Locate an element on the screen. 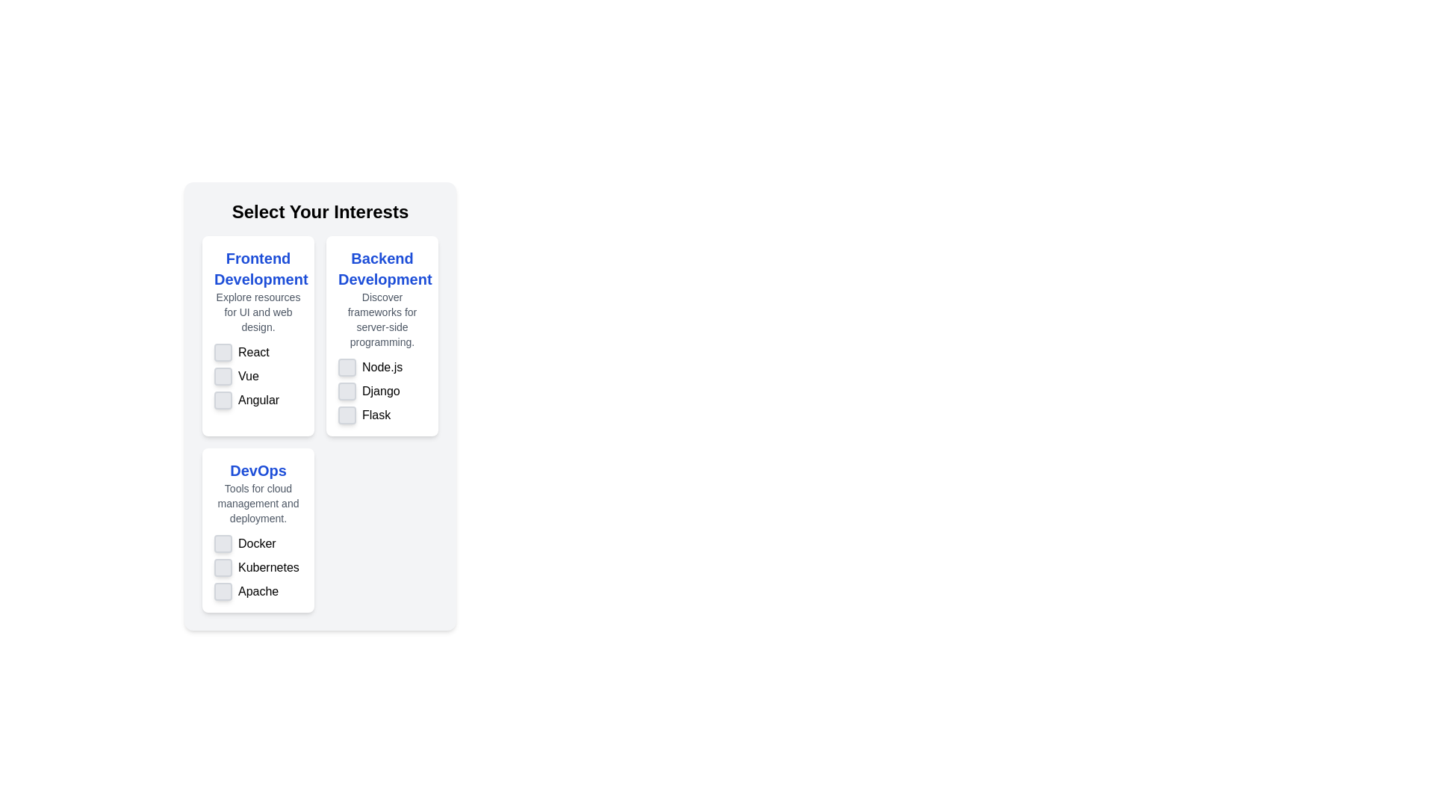 The width and height of the screenshot is (1434, 807). the small, square-shaped checkbox with a light gray background located in the 'DevOps' section is located at coordinates (222, 544).